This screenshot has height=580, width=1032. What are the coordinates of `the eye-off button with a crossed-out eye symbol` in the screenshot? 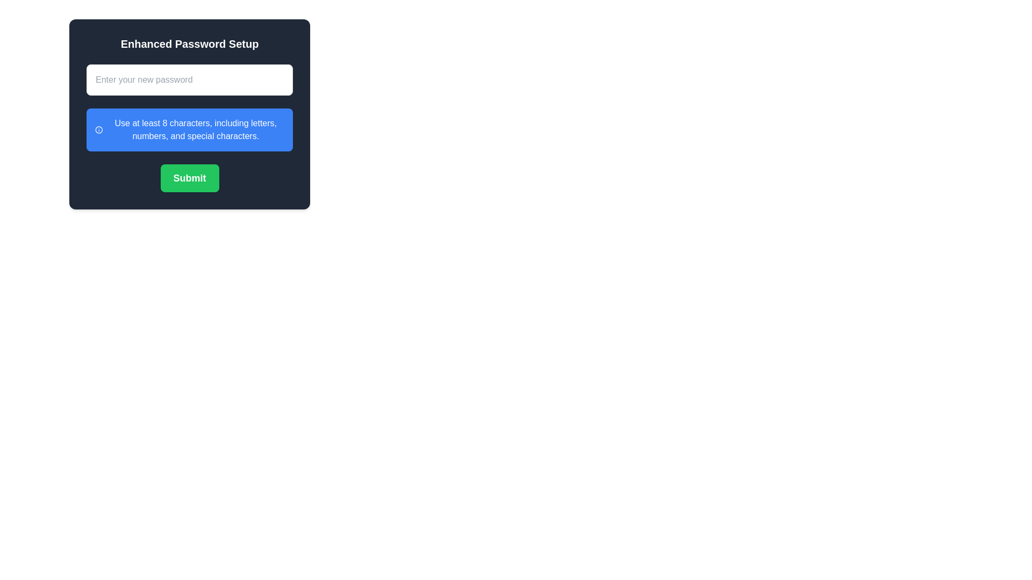 It's located at (278, 79).